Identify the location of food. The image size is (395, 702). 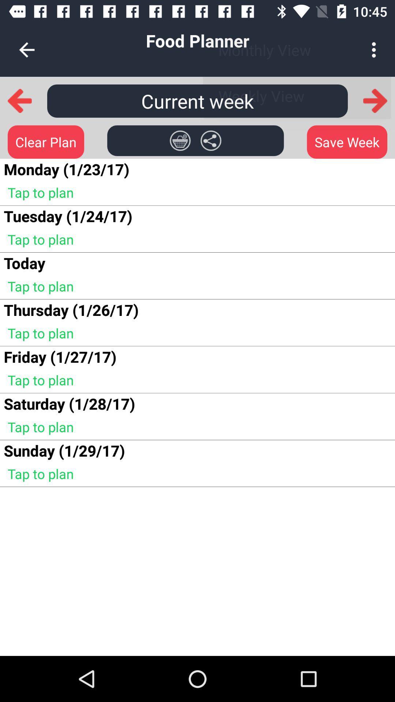
(180, 140).